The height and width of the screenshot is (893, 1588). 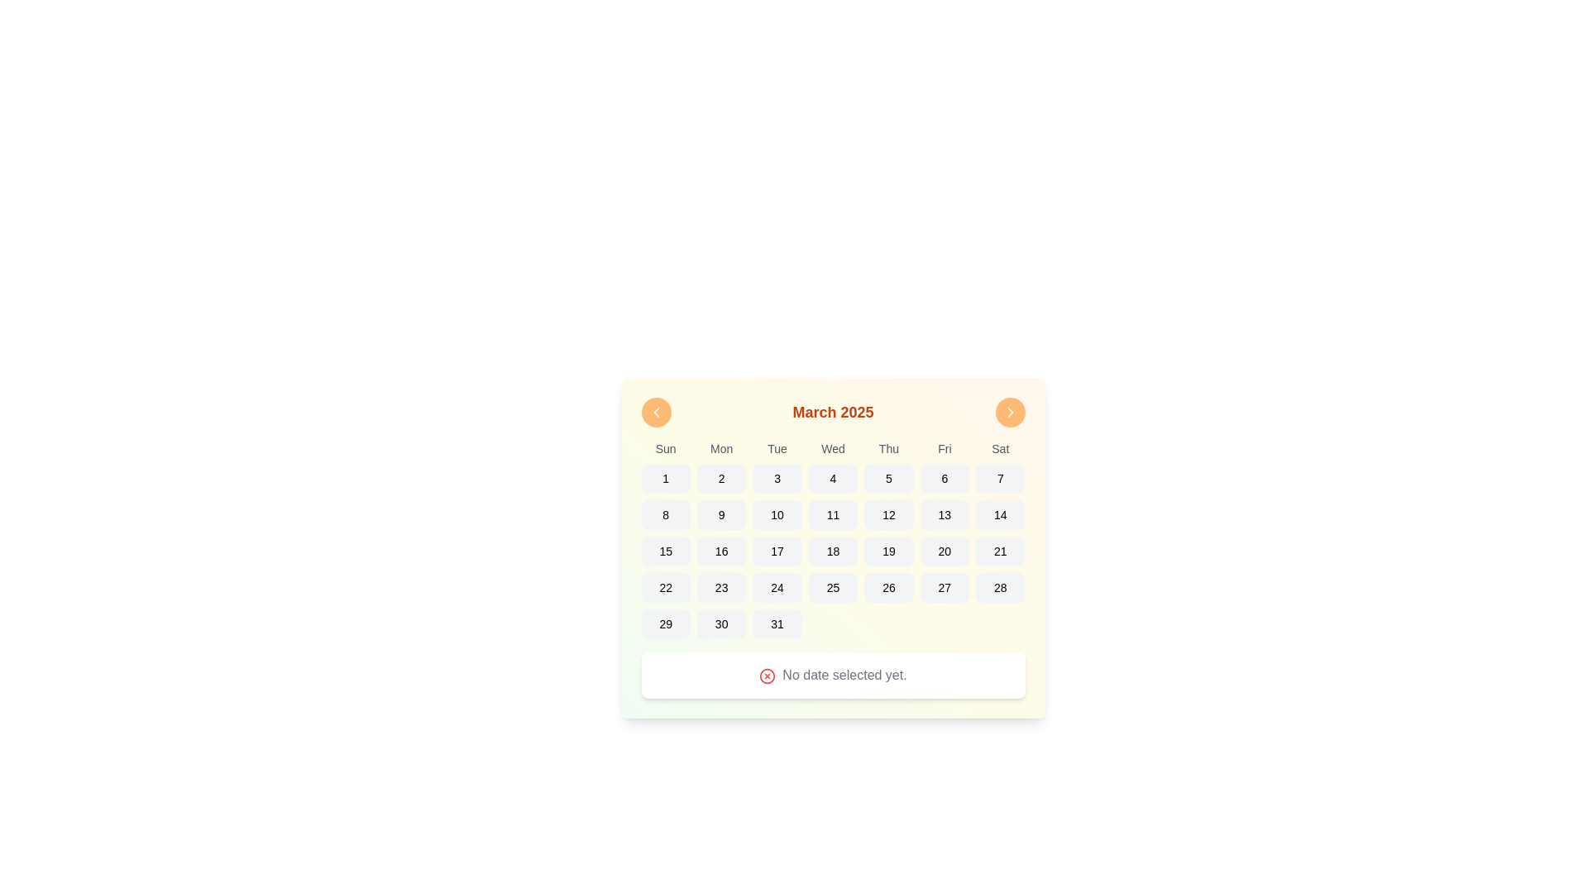 I want to click on the Chevron icon within the orange circular button located in the top-right corner of the calendar interface, so click(x=1009, y=411).